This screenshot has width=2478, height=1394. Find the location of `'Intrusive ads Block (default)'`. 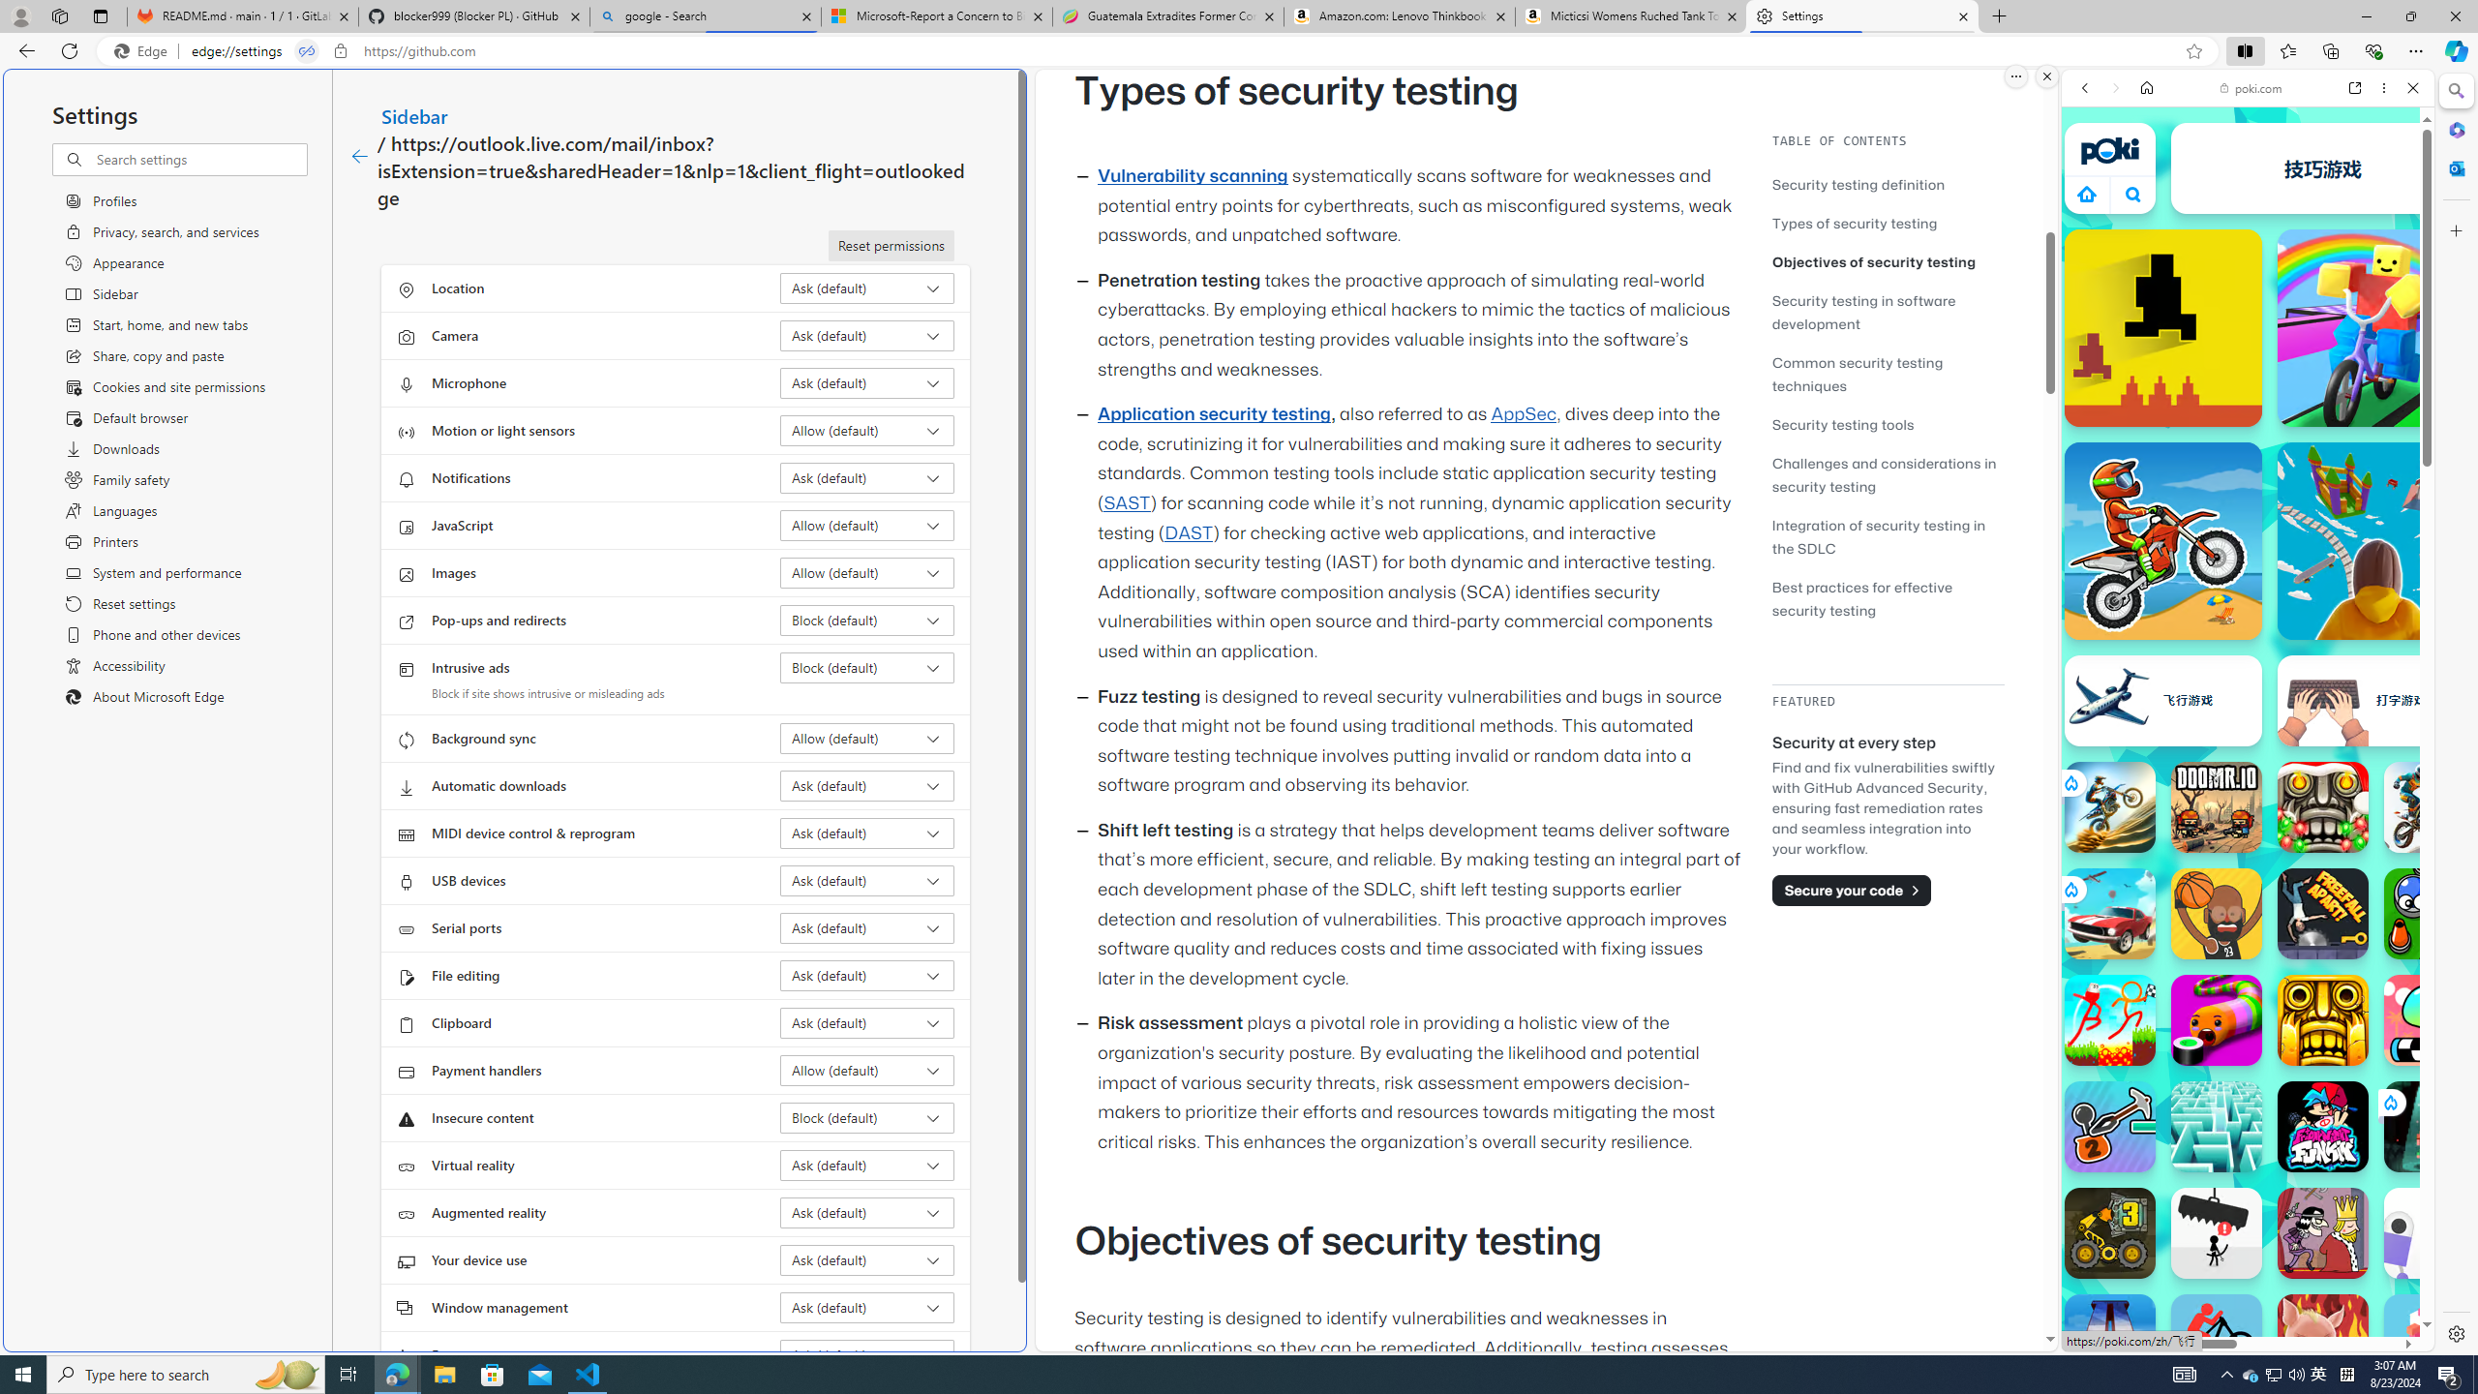

'Intrusive ads Block (default)' is located at coordinates (867, 667).